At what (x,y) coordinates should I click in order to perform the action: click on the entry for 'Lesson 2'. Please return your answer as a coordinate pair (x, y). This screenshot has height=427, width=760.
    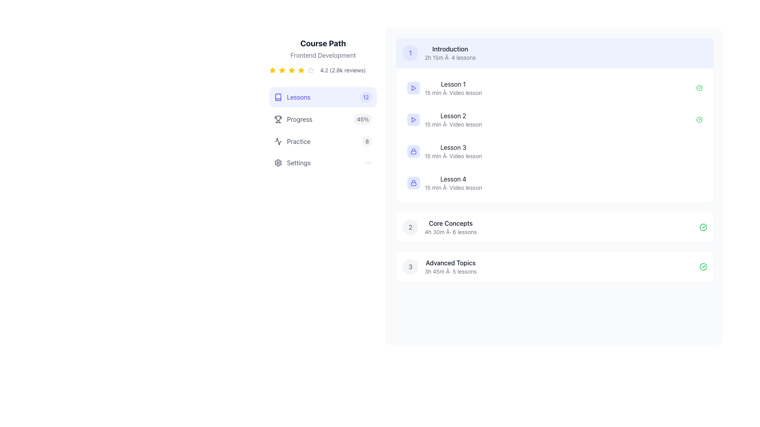
    Looking at the image, I should click on (554, 120).